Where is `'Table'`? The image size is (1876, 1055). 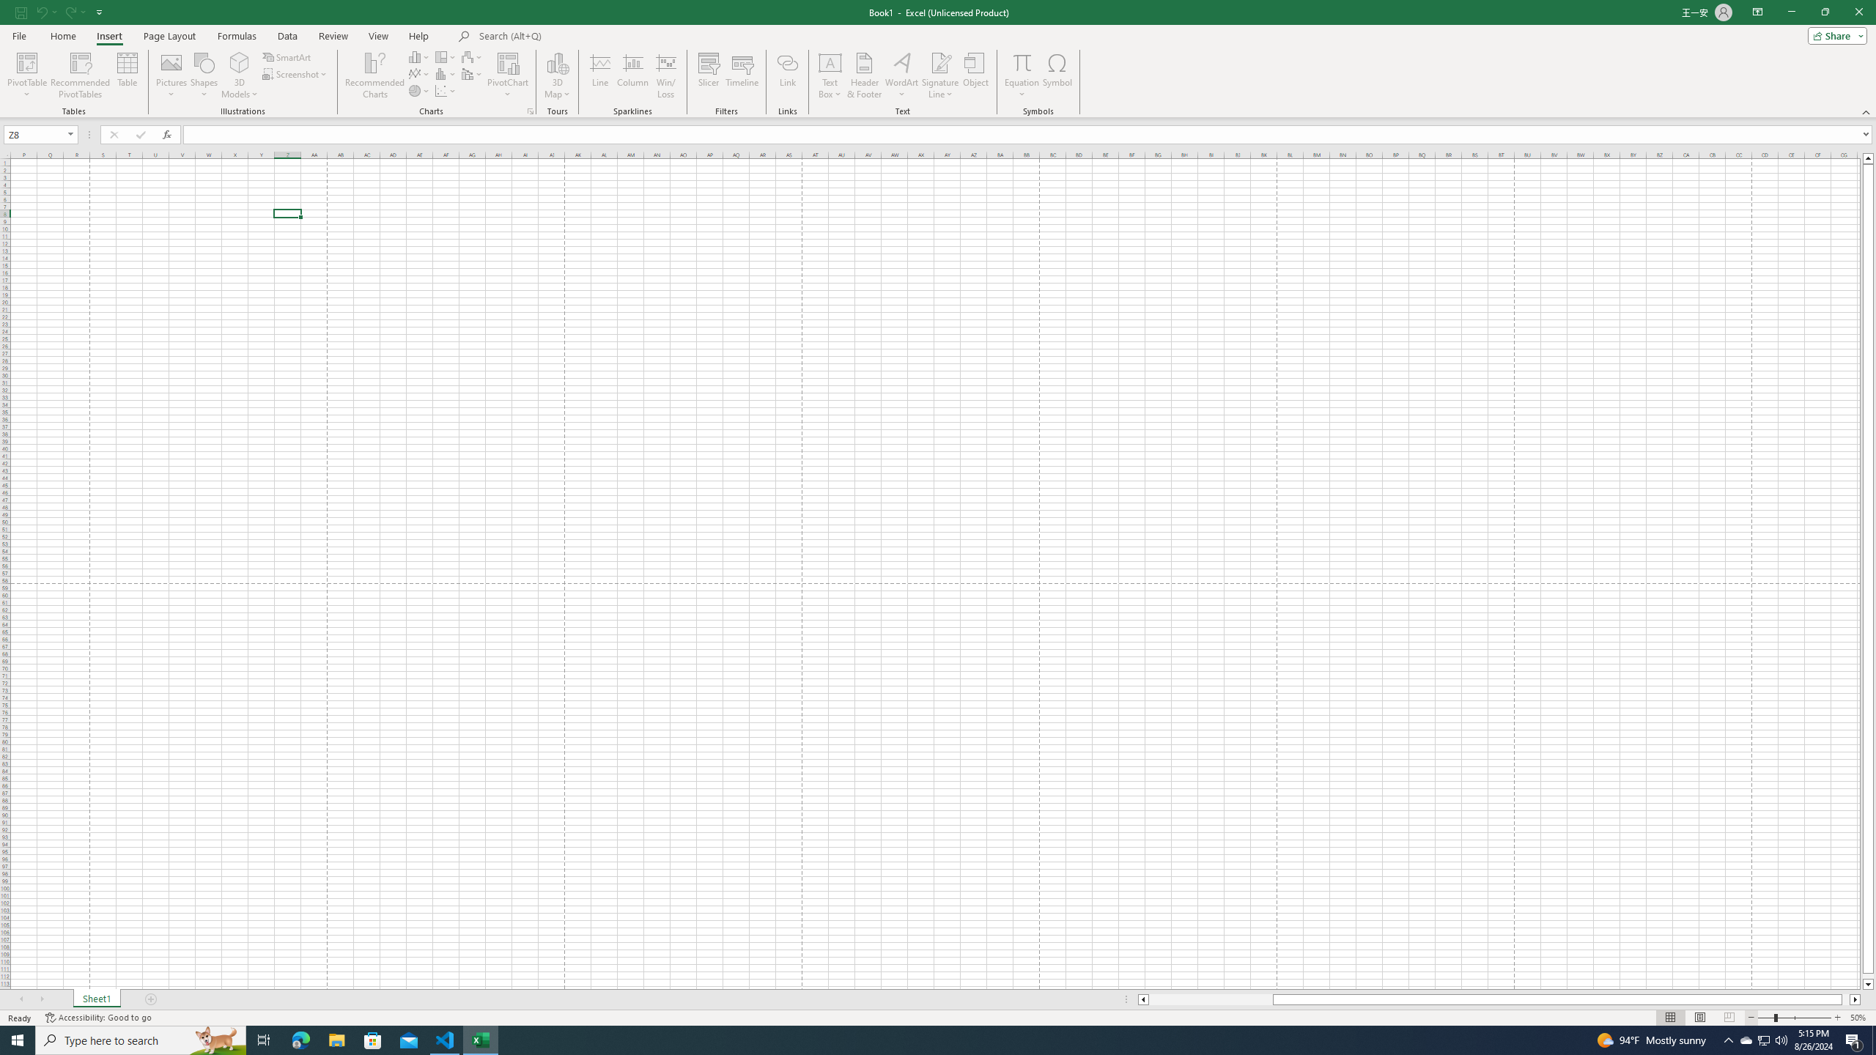 'Table' is located at coordinates (128, 75).